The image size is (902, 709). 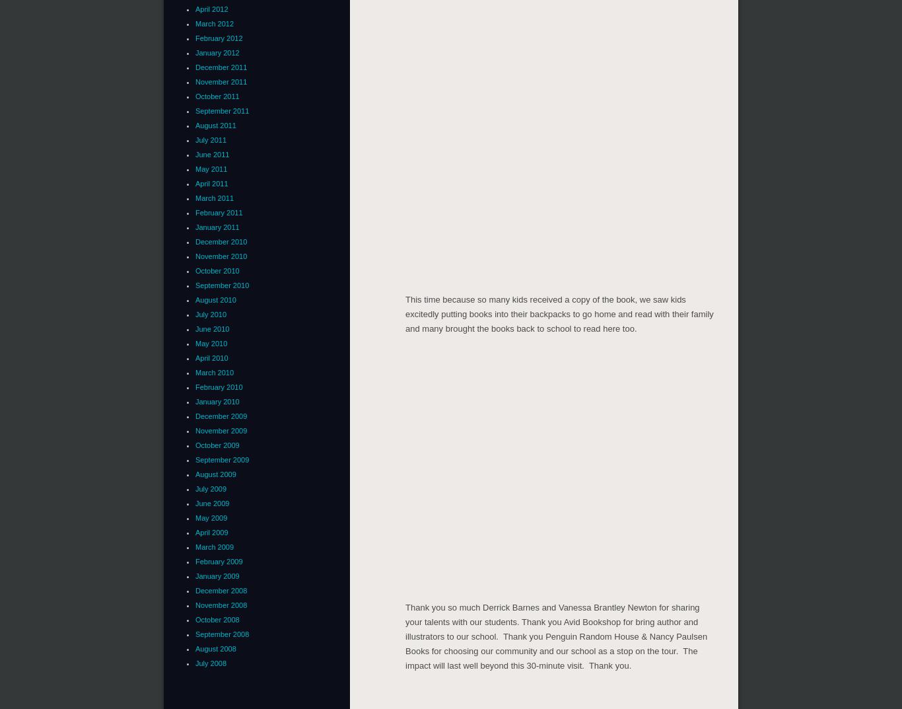 I want to click on 'December 2010', so click(x=221, y=241).